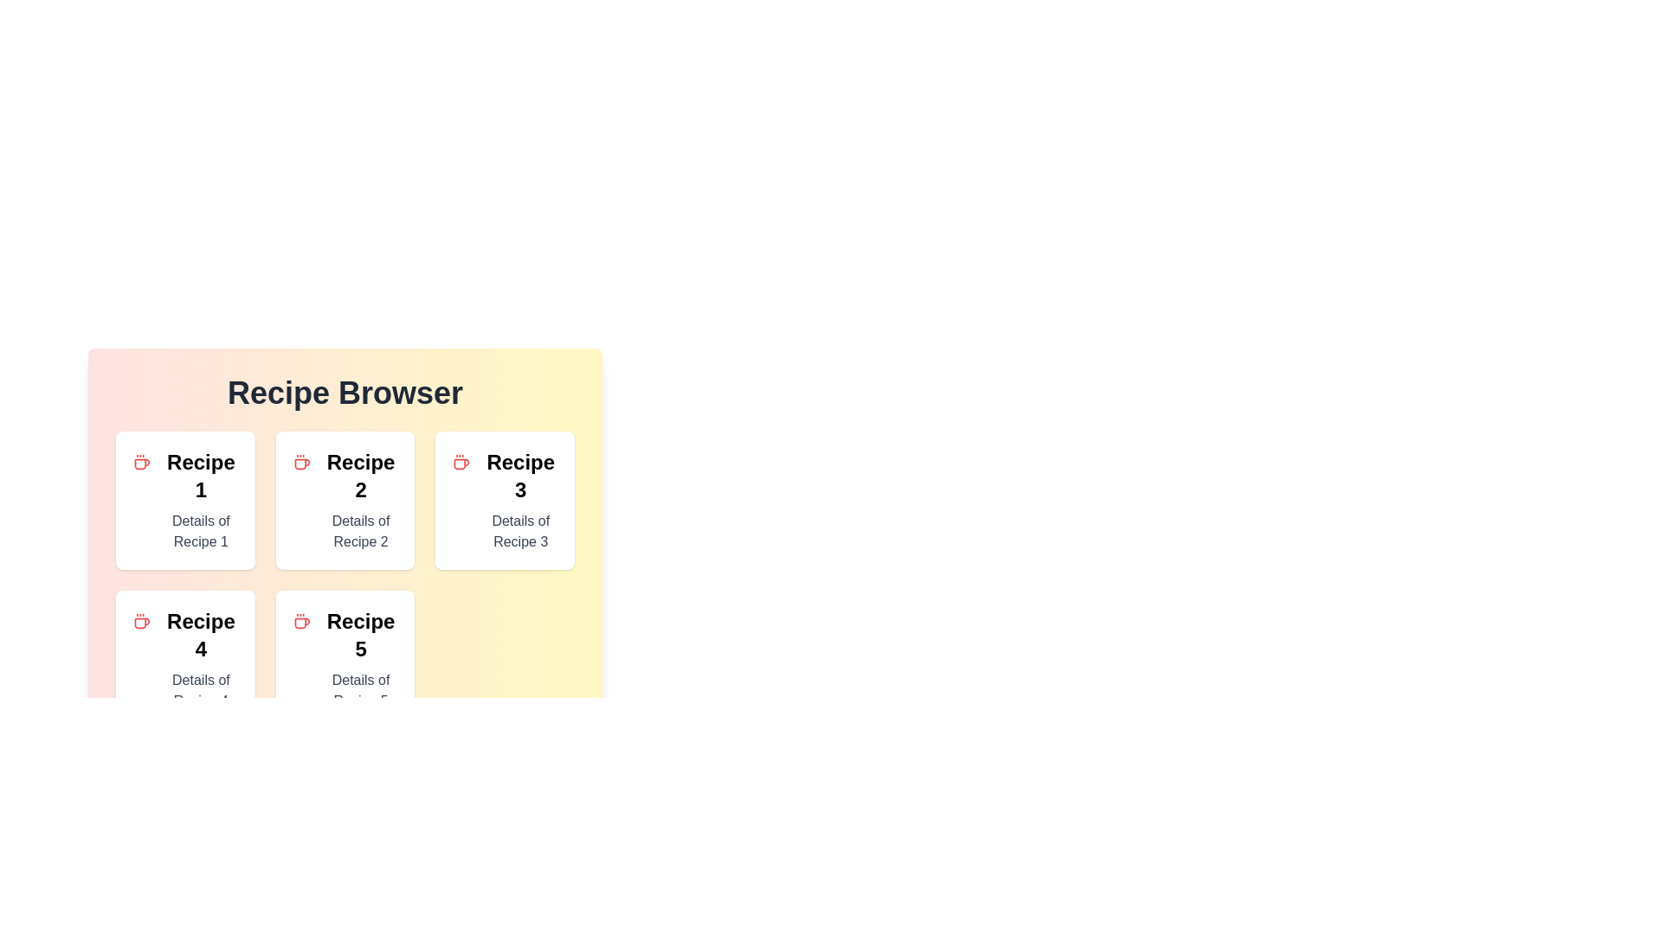 The image size is (1662, 934). Describe the element at coordinates (201, 636) in the screenshot. I see `text displayed on the 'Recipe 4' label located in the second row and first column of the recipe grid under 'Recipe Browser'` at that location.